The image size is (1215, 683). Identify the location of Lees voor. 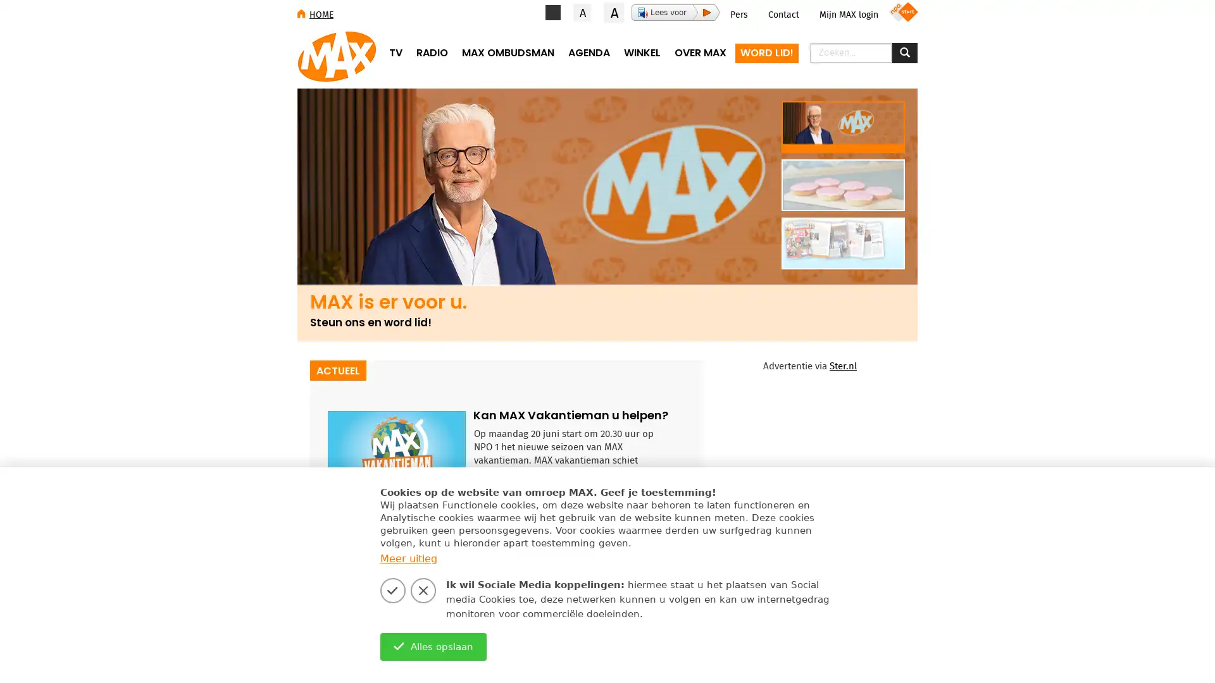
(675, 12).